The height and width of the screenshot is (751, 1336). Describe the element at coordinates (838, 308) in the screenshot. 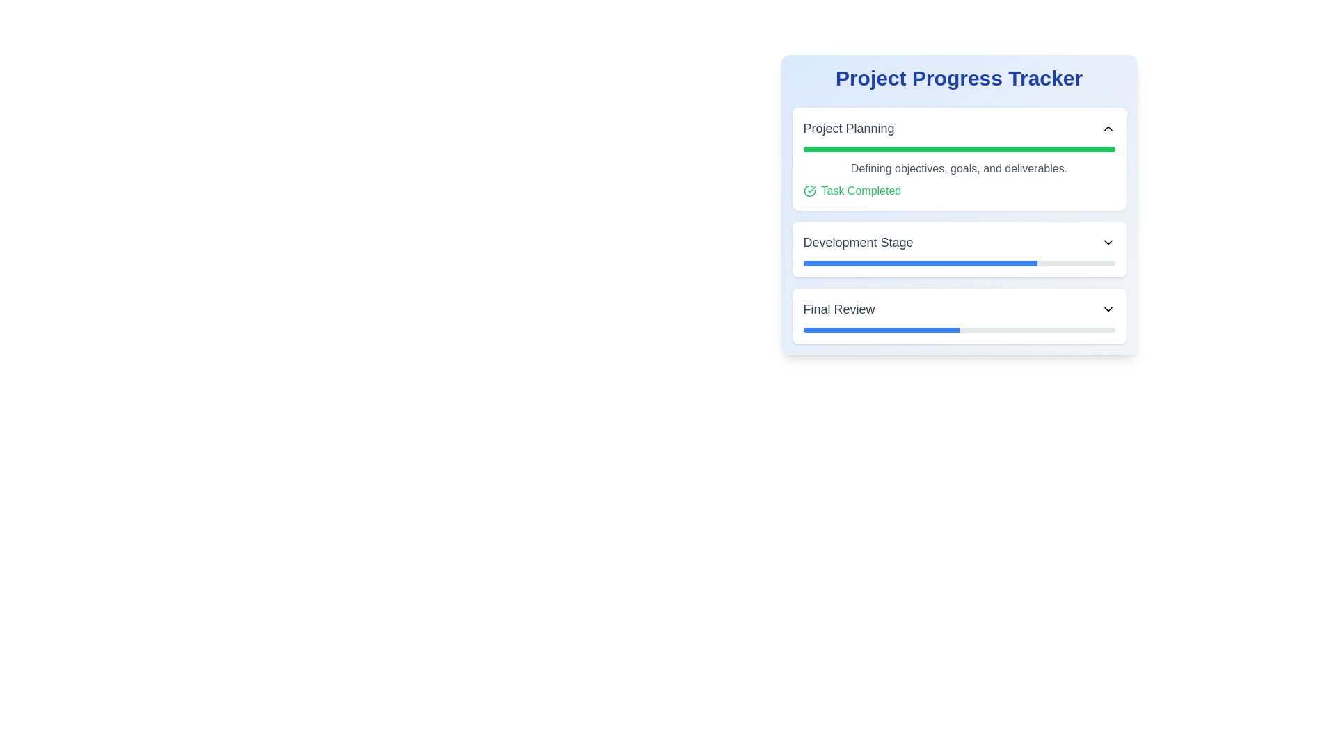

I see `text label indicating the 'Final Review' stage located in the bottom-right section of the 'Project Progress Tracker' card` at that location.